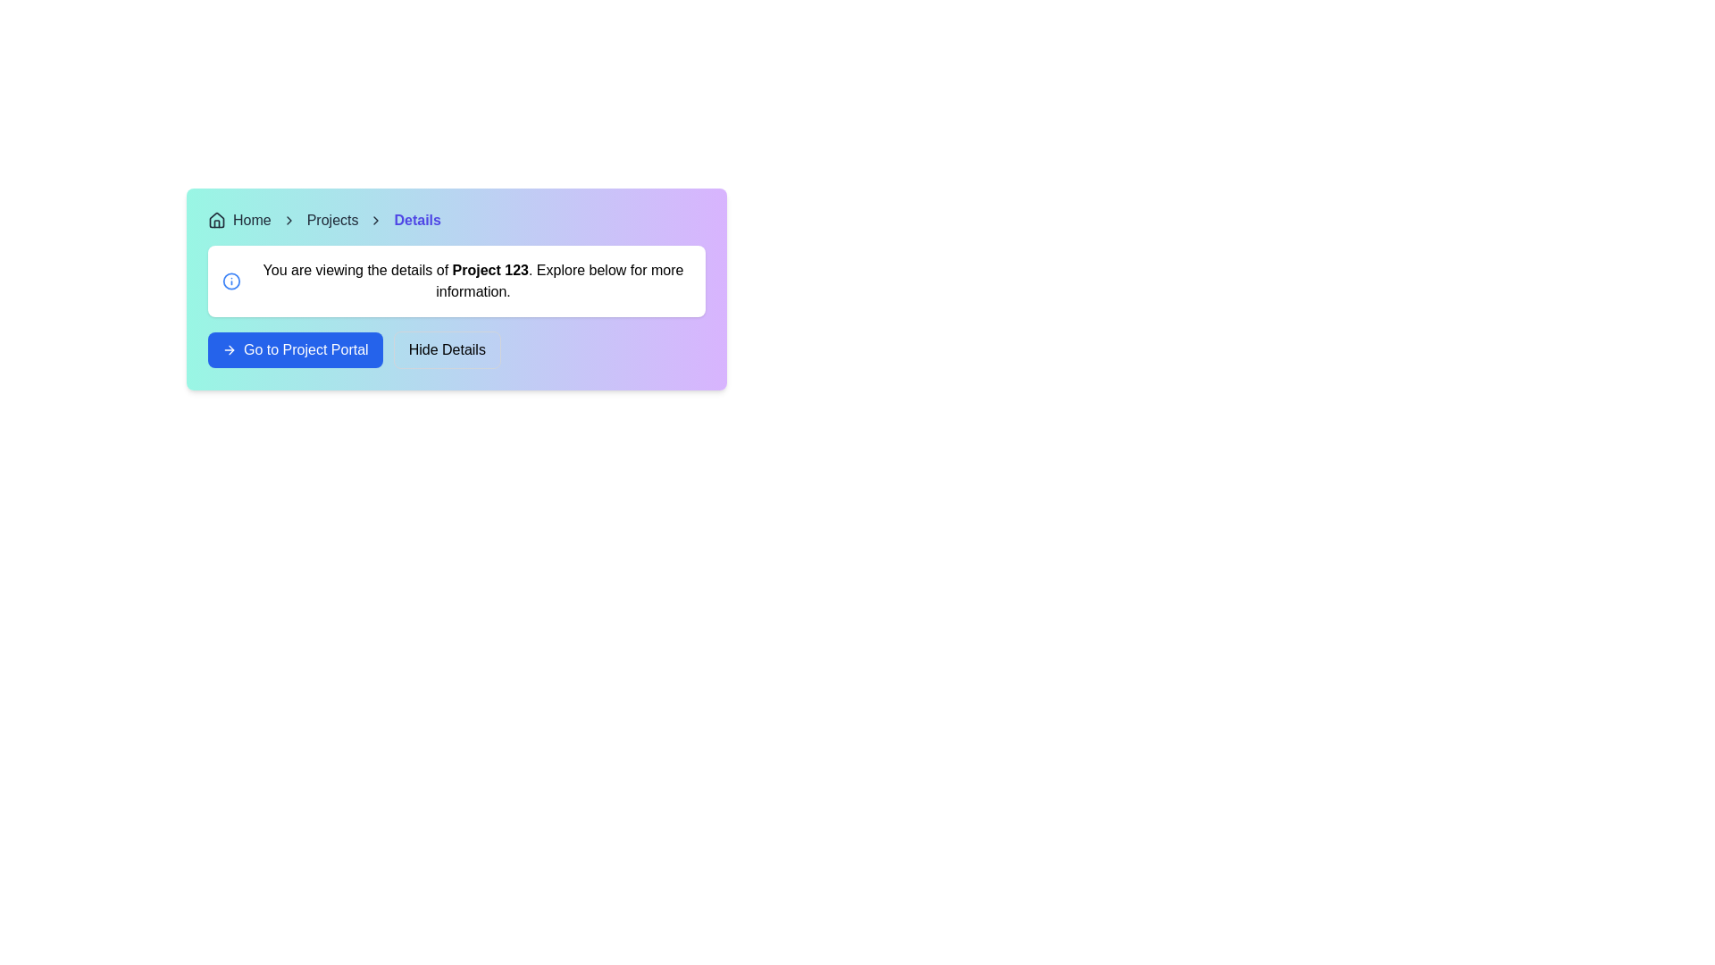 The width and height of the screenshot is (1715, 965). What do you see at coordinates (447, 350) in the screenshot?
I see `the rectangular button labeled 'Hide Details'` at bounding box center [447, 350].